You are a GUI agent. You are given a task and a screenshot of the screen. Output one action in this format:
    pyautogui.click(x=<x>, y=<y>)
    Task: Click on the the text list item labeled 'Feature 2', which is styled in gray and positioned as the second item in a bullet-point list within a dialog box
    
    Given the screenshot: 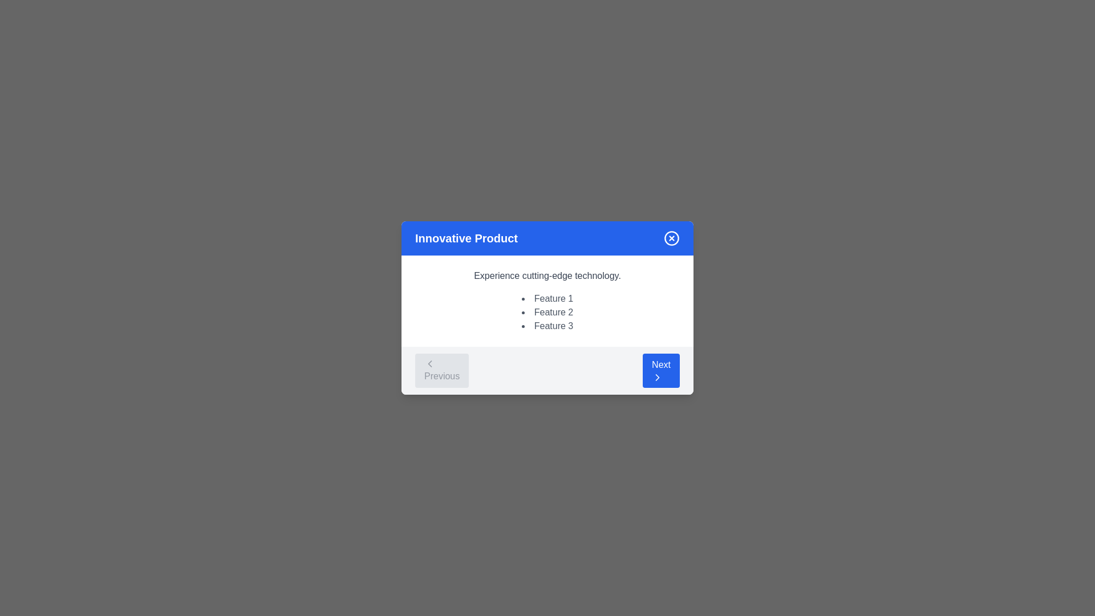 What is the action you would take?
    pyautogui.click(x=547, y=312)
    